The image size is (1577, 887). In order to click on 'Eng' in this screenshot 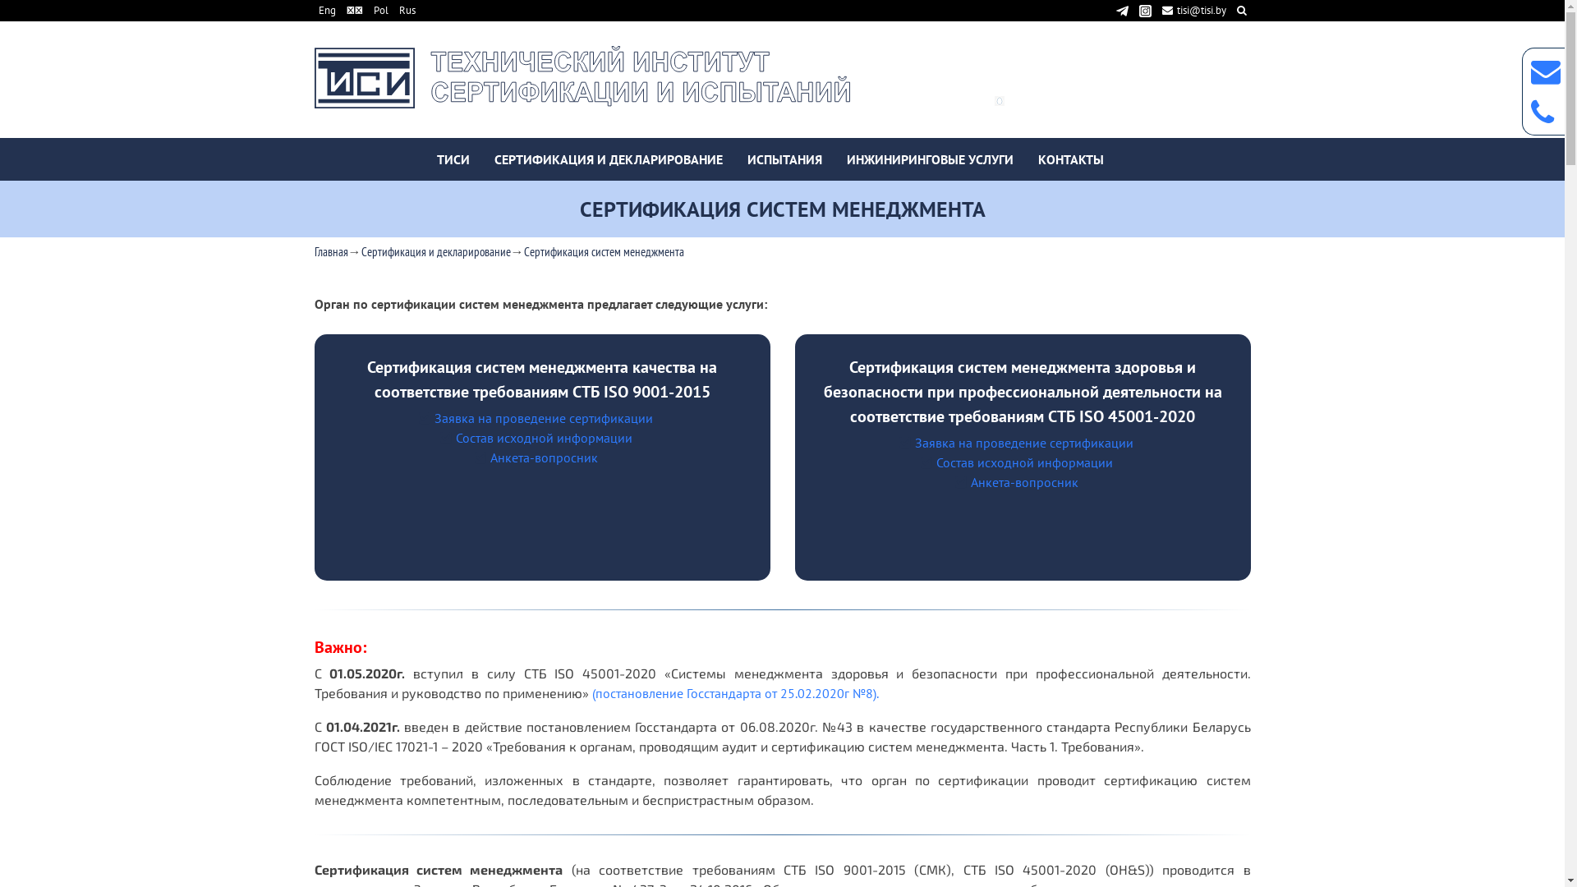, I will do `click(327, 10)`.